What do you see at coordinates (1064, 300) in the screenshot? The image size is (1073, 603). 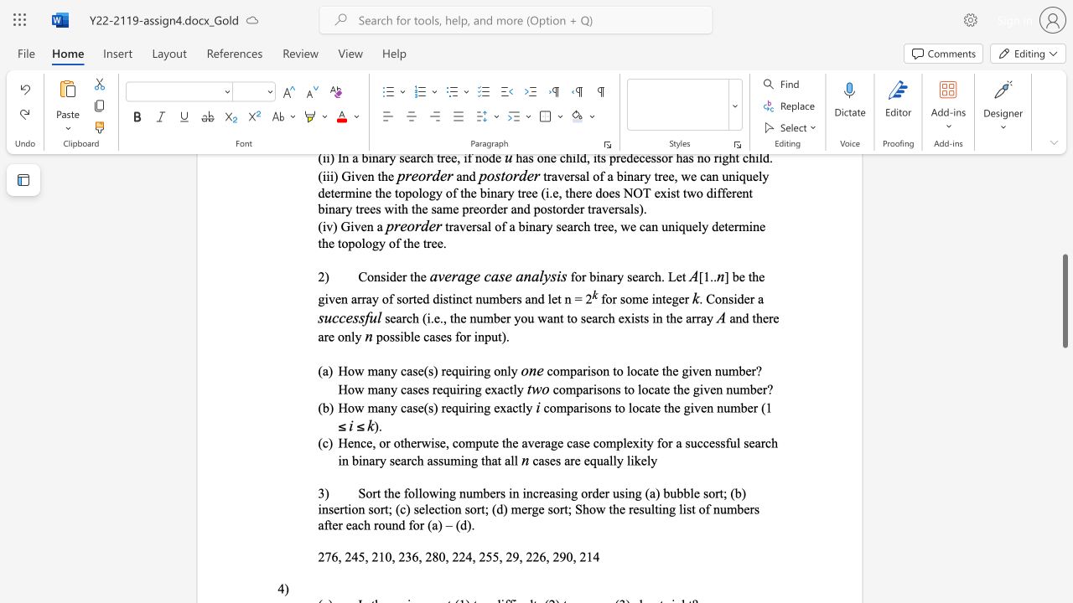 I see `the scrollbar and move down 290 pixels` at bounding box center [1064, 300].